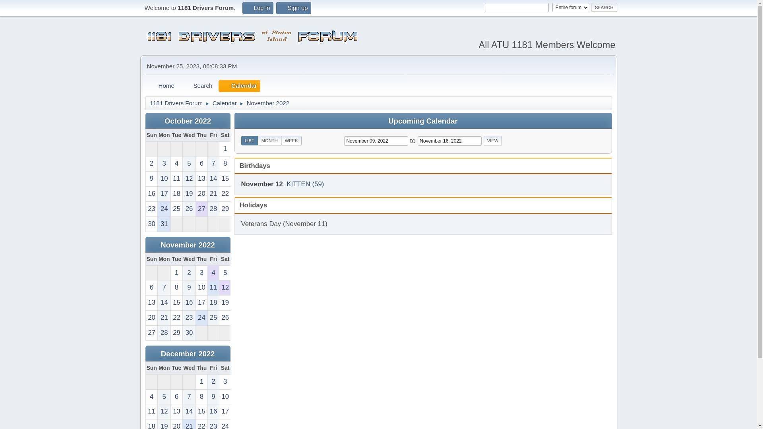 This screenshot has width=763, height=429. What do you see at coordinates (604, 8) in the screenshot?
I see `'Search'` at bounding box center [604, 8].